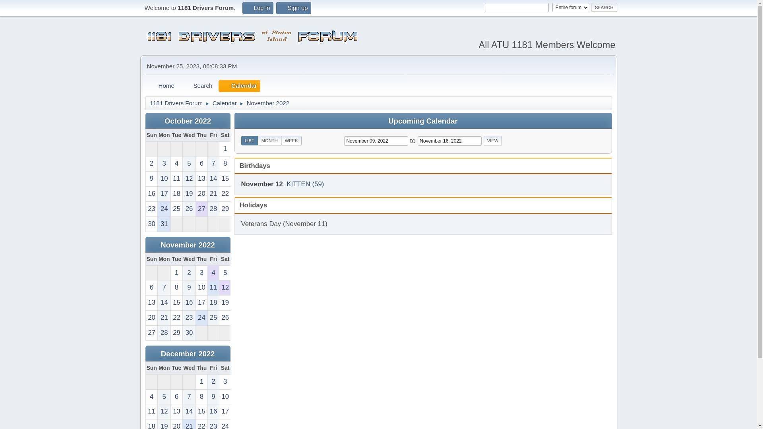 This screenshot has width=763, height=429. What do you see at coordinates (604, 8) in the screenshot?
I see `'Search'` at bounding box center [604, 8].